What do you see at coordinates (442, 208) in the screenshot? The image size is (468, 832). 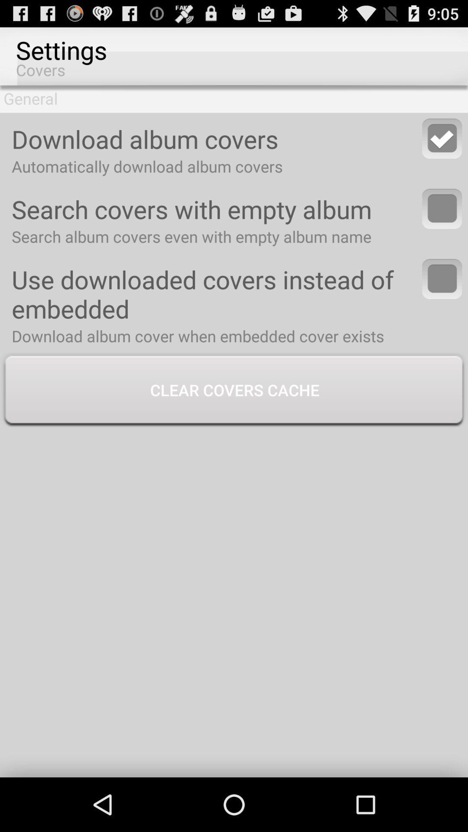 I see `check to search covers with empty album` at bounding box center [442, 208].